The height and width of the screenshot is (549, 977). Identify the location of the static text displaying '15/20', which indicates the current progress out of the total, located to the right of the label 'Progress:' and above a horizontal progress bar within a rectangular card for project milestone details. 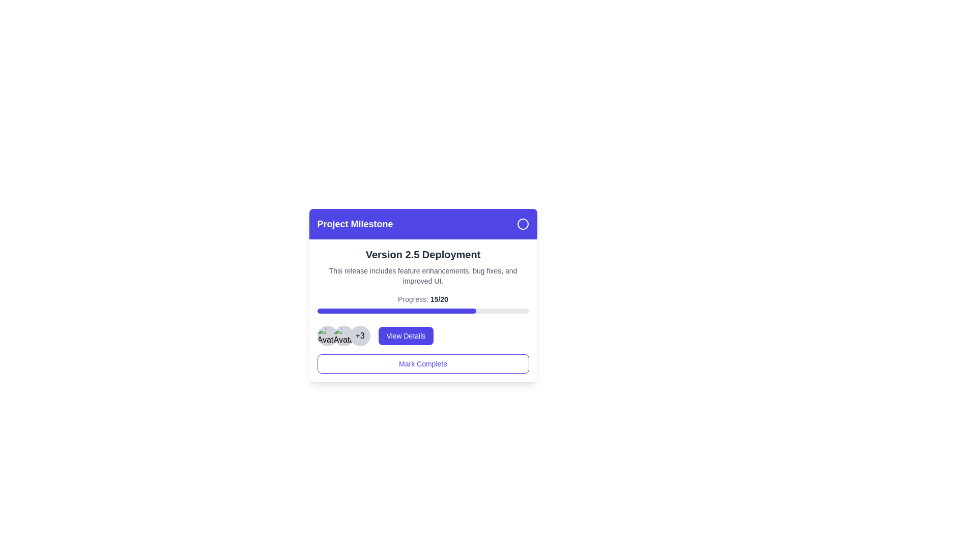
(439, 299).